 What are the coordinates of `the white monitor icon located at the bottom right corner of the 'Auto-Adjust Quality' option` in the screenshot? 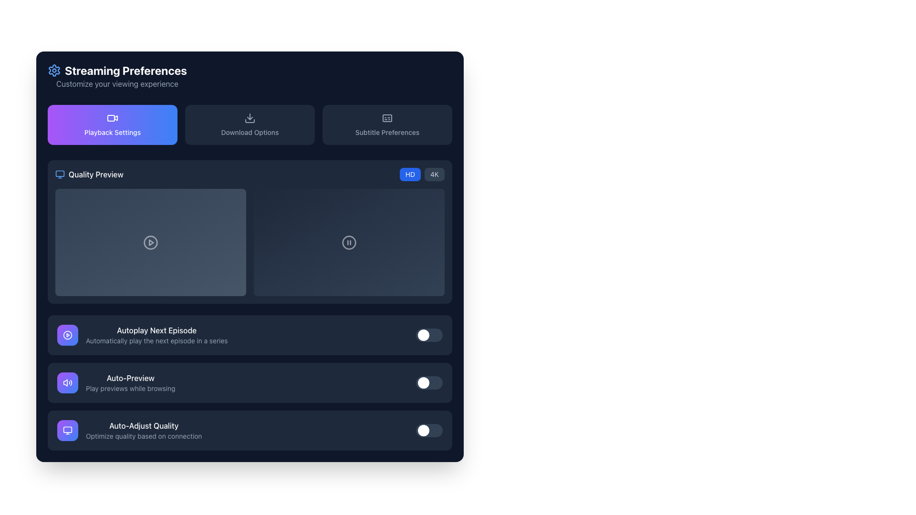 It's located at (67, 430).